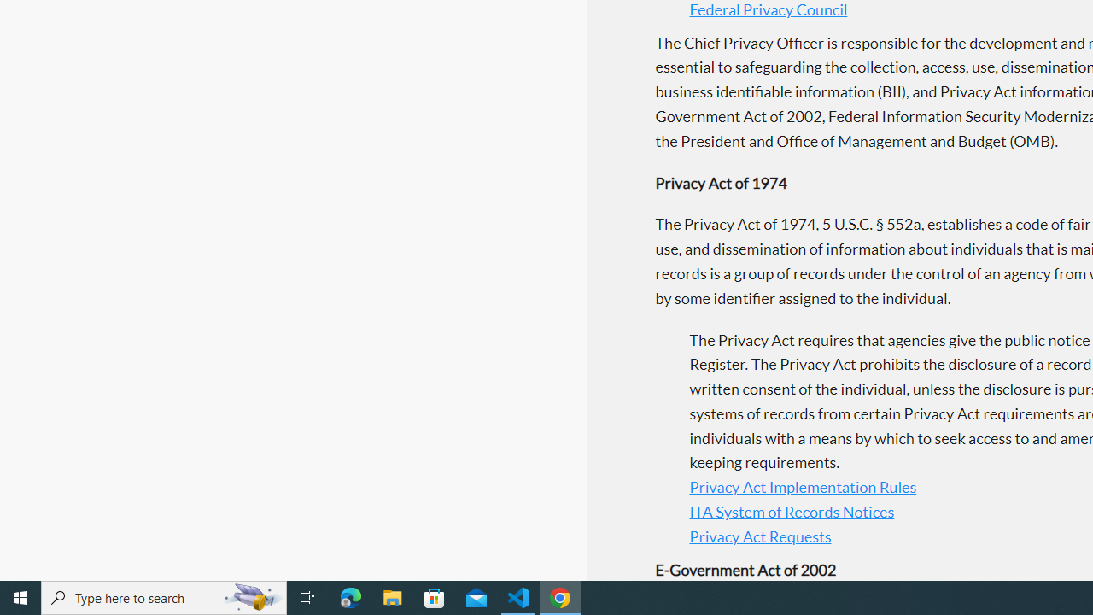  What do you see at coordinates (802, 487) in the screenshot?
I see `'Privacy Act Implementation Rules'` at bounding box center [802, 487].